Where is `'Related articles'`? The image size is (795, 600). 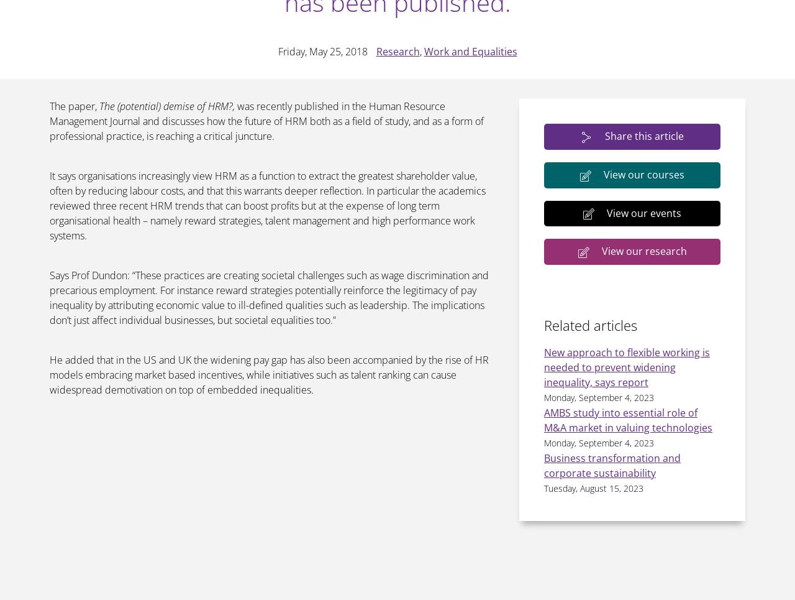
'Related articles' is located at coordinates (590, 323).